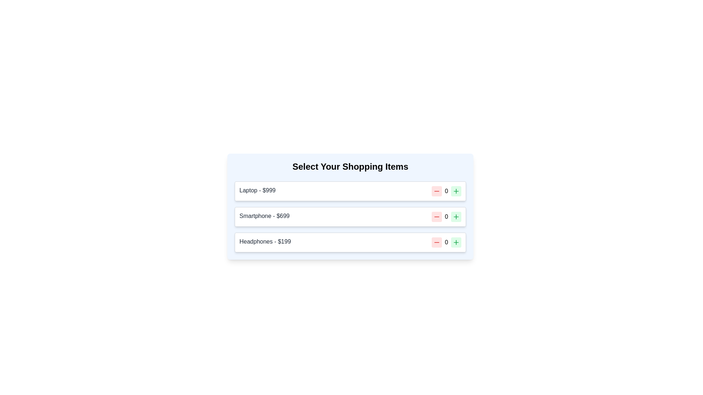 This screenshot has height=395, width=703. What do you see at coordinates (456, 191) in the screenshot?
I see `the green-bordered Increment Control button with a plus icon located to the right of the number input field for the first item (Laptop - $999) to increase the quantity` at bounding box center [456, 191].